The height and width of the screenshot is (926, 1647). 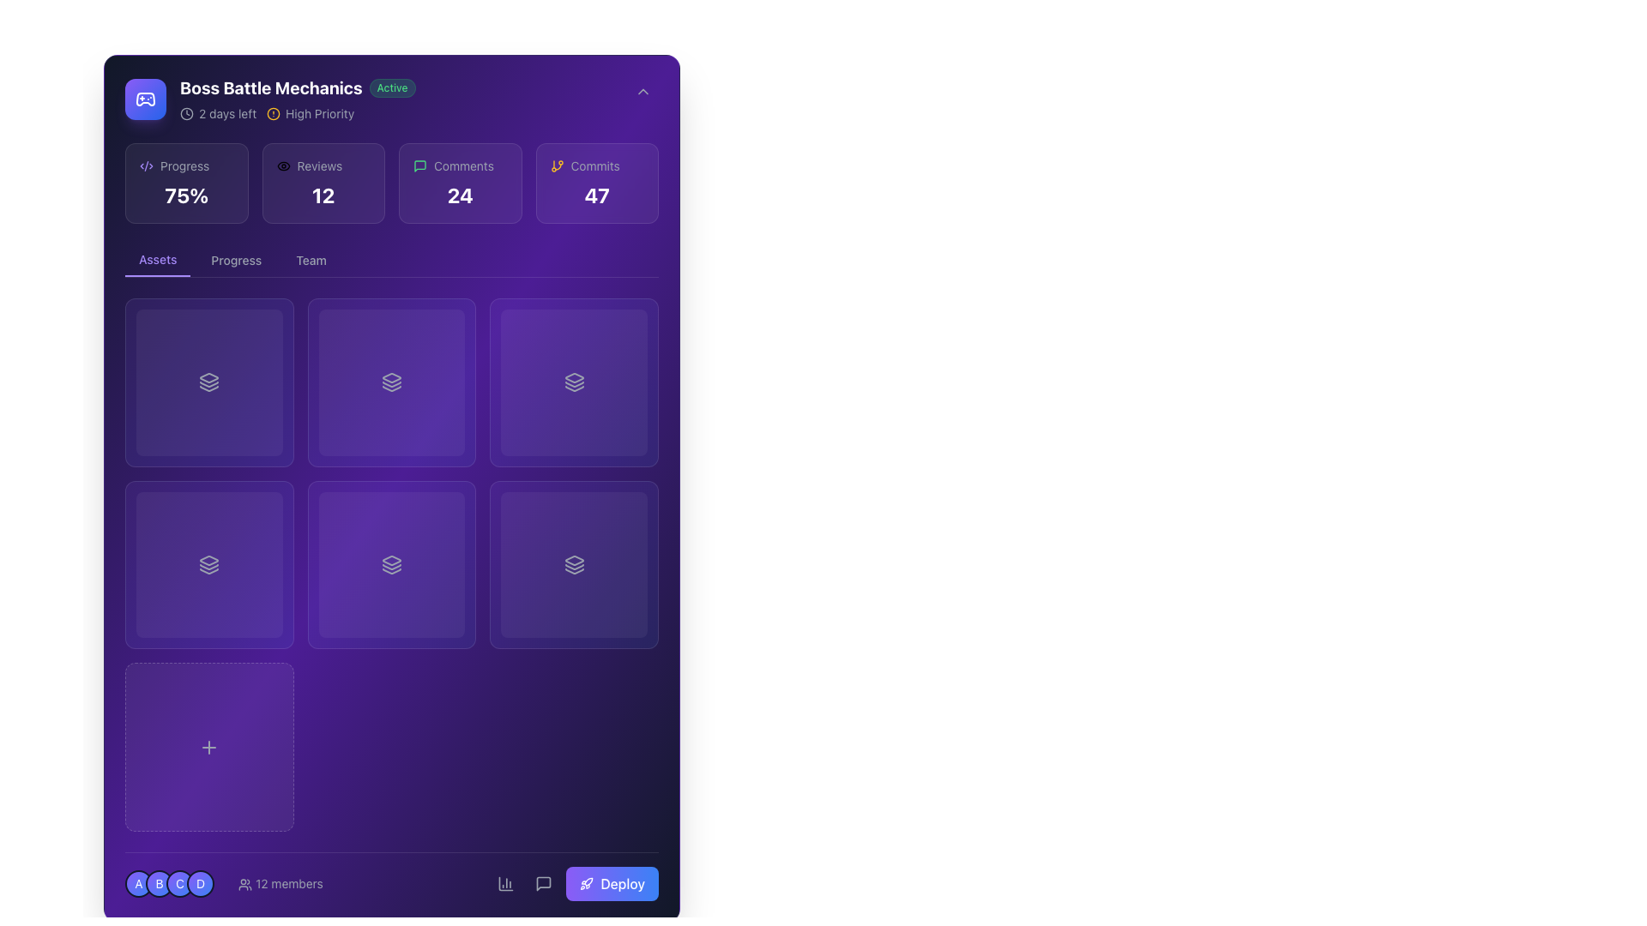 What do you see at coordinates (390, 565) in the screenshot?
I see `the interactive grid item with a deep purple background and a centered icon resembling multiple stacked shapes, located in the middle column of the lower row` at bounding box center [390, 565].